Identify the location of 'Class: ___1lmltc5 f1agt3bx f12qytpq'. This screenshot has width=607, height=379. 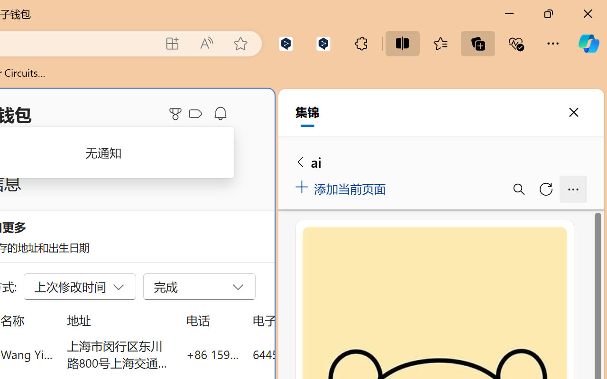
(195, 114).